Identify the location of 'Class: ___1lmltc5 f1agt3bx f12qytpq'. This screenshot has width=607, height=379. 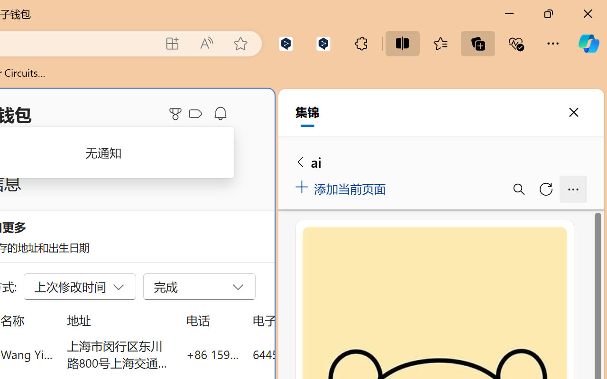
(195, 114).